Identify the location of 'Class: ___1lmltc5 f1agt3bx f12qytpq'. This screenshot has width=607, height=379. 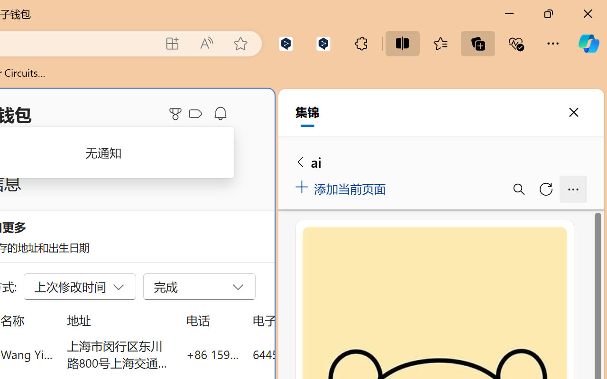
(195, 114).